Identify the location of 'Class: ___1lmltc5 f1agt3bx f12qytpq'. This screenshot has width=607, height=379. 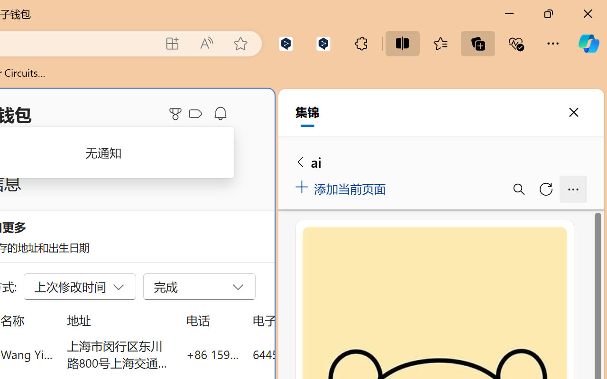
(195, 114).